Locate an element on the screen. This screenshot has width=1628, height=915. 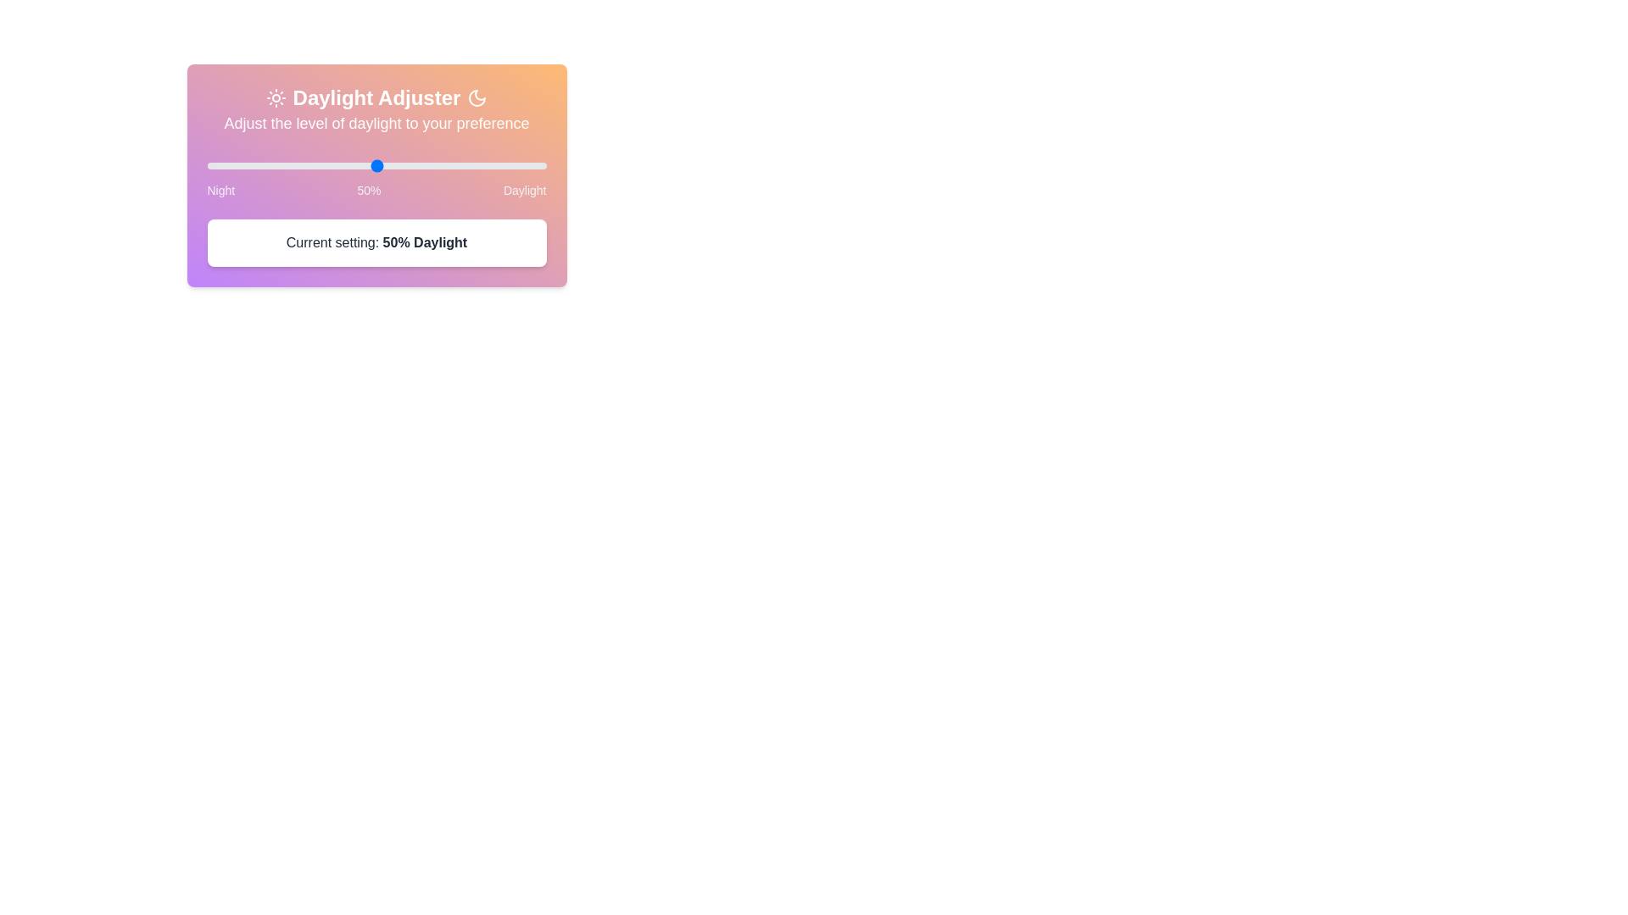
the slider to set the daylight level to 55% is located at coordinates (206, 166).